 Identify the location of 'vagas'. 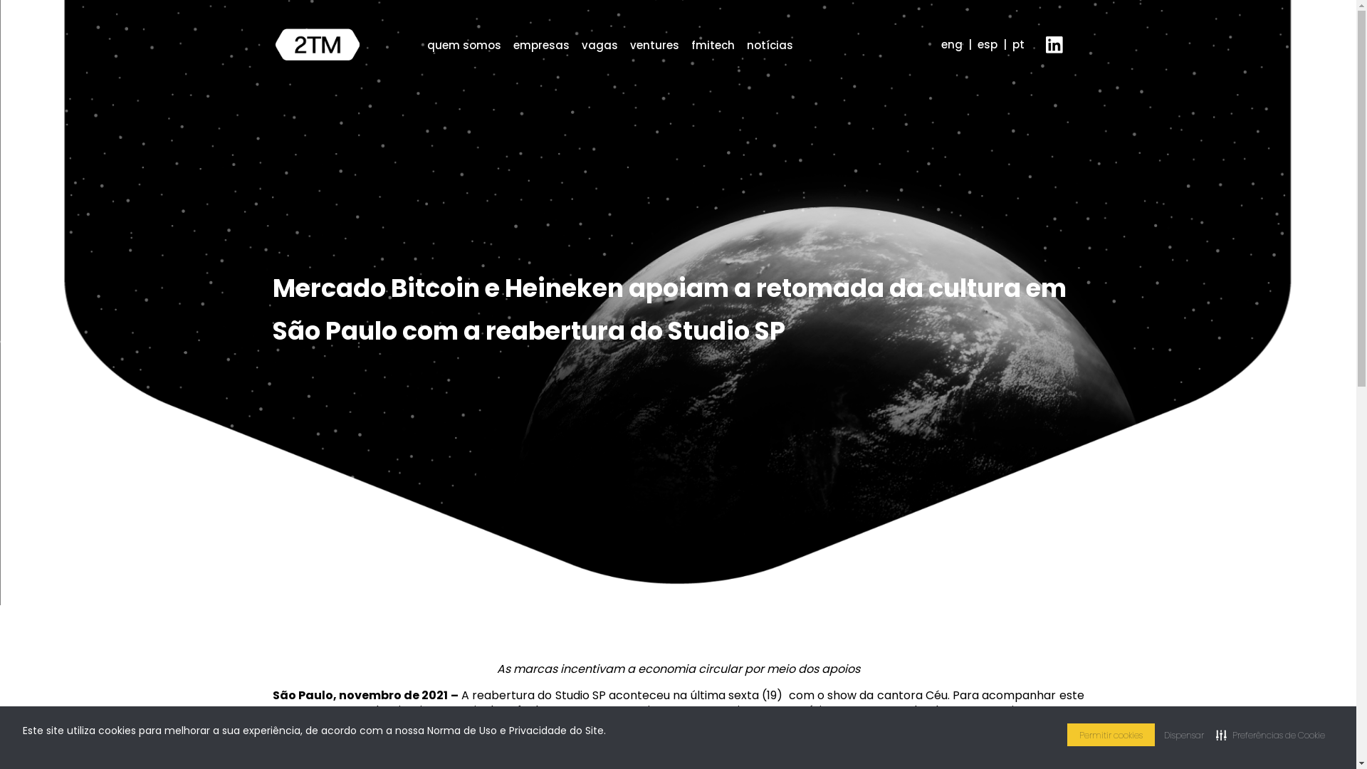
(581, 44).